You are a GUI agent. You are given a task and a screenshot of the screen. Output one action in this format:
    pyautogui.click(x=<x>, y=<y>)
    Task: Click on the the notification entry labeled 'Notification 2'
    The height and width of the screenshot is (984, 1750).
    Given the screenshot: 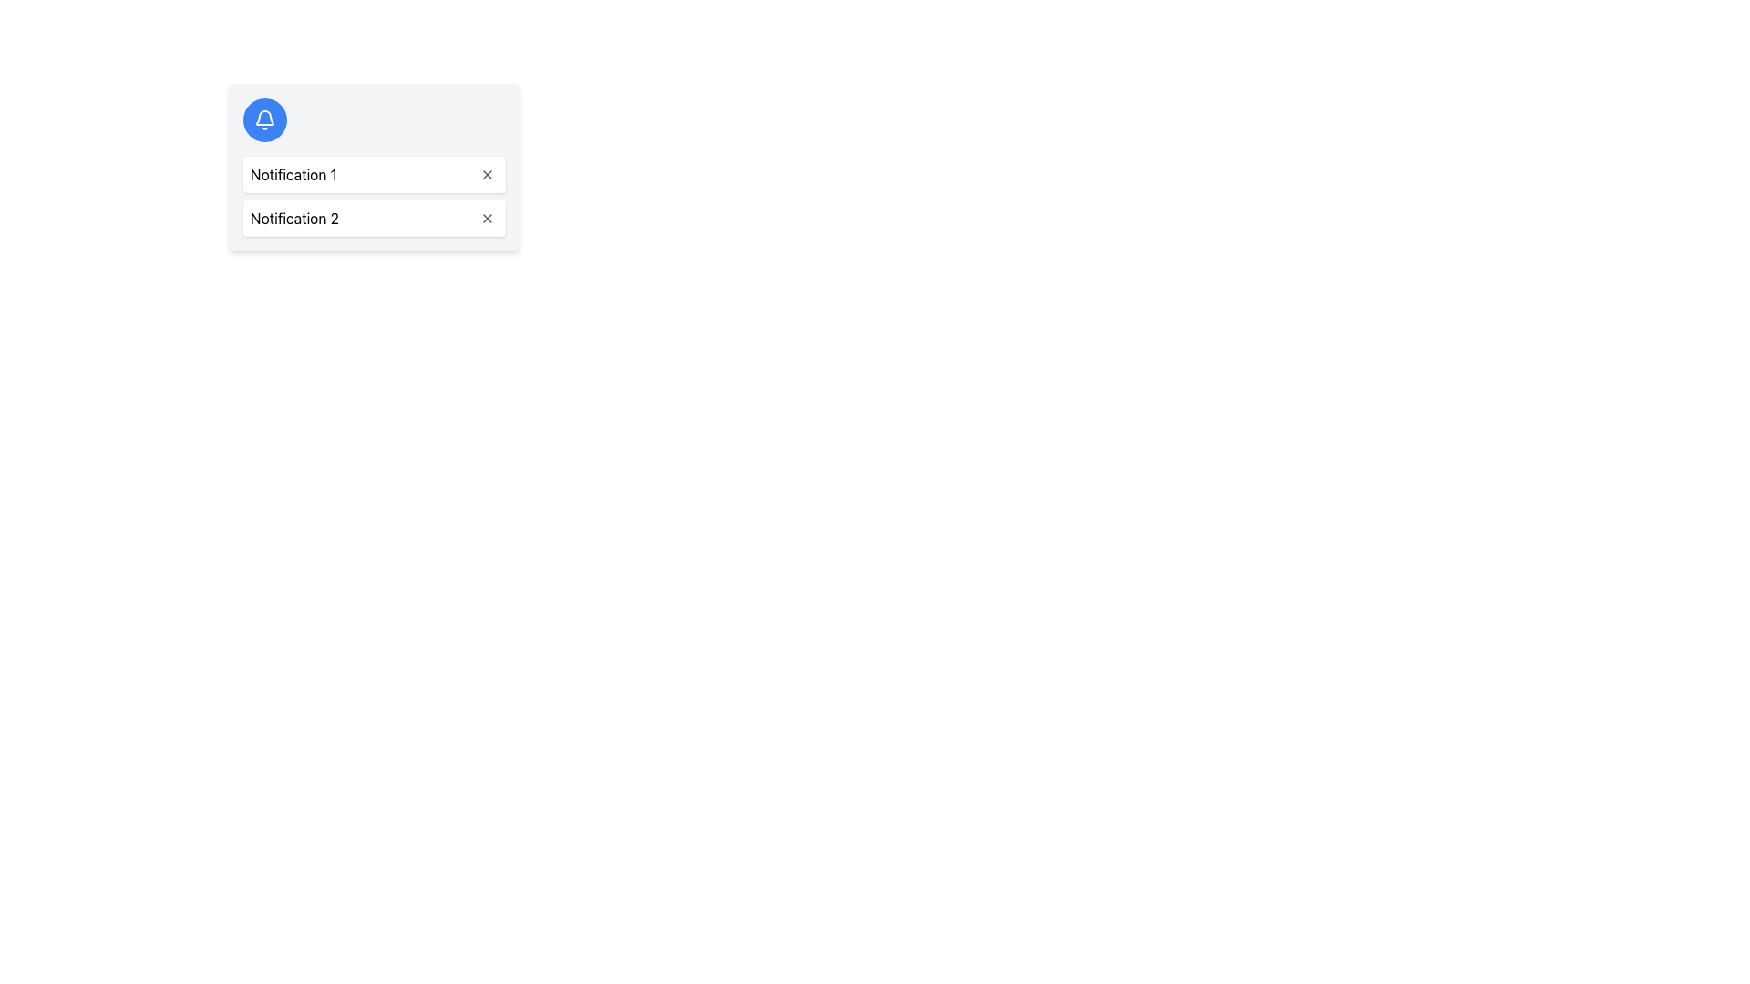 What is the action you would take?
    pyautogui.click(x=374, y=217)
    